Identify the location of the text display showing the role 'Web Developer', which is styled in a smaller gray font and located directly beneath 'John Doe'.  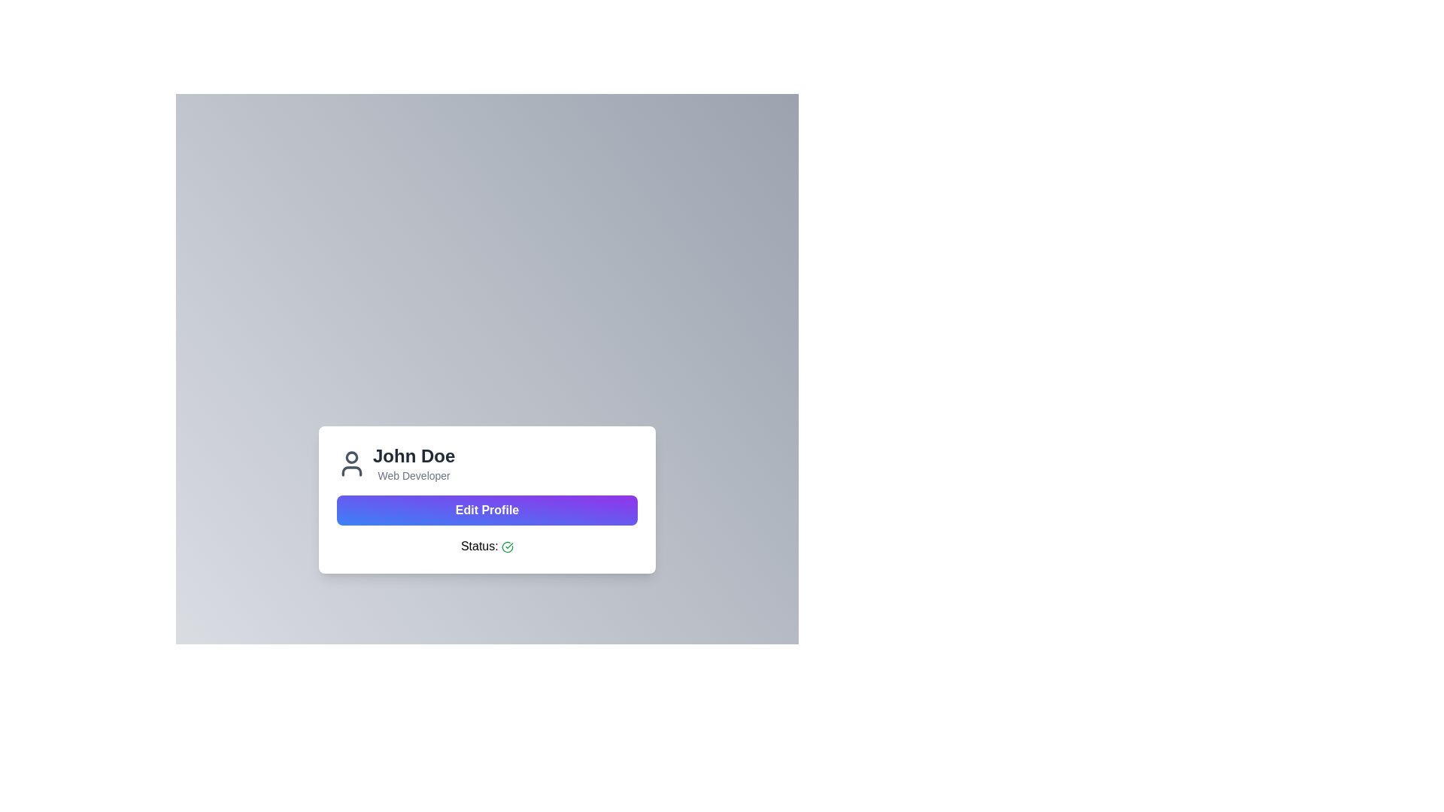
(414, 475).